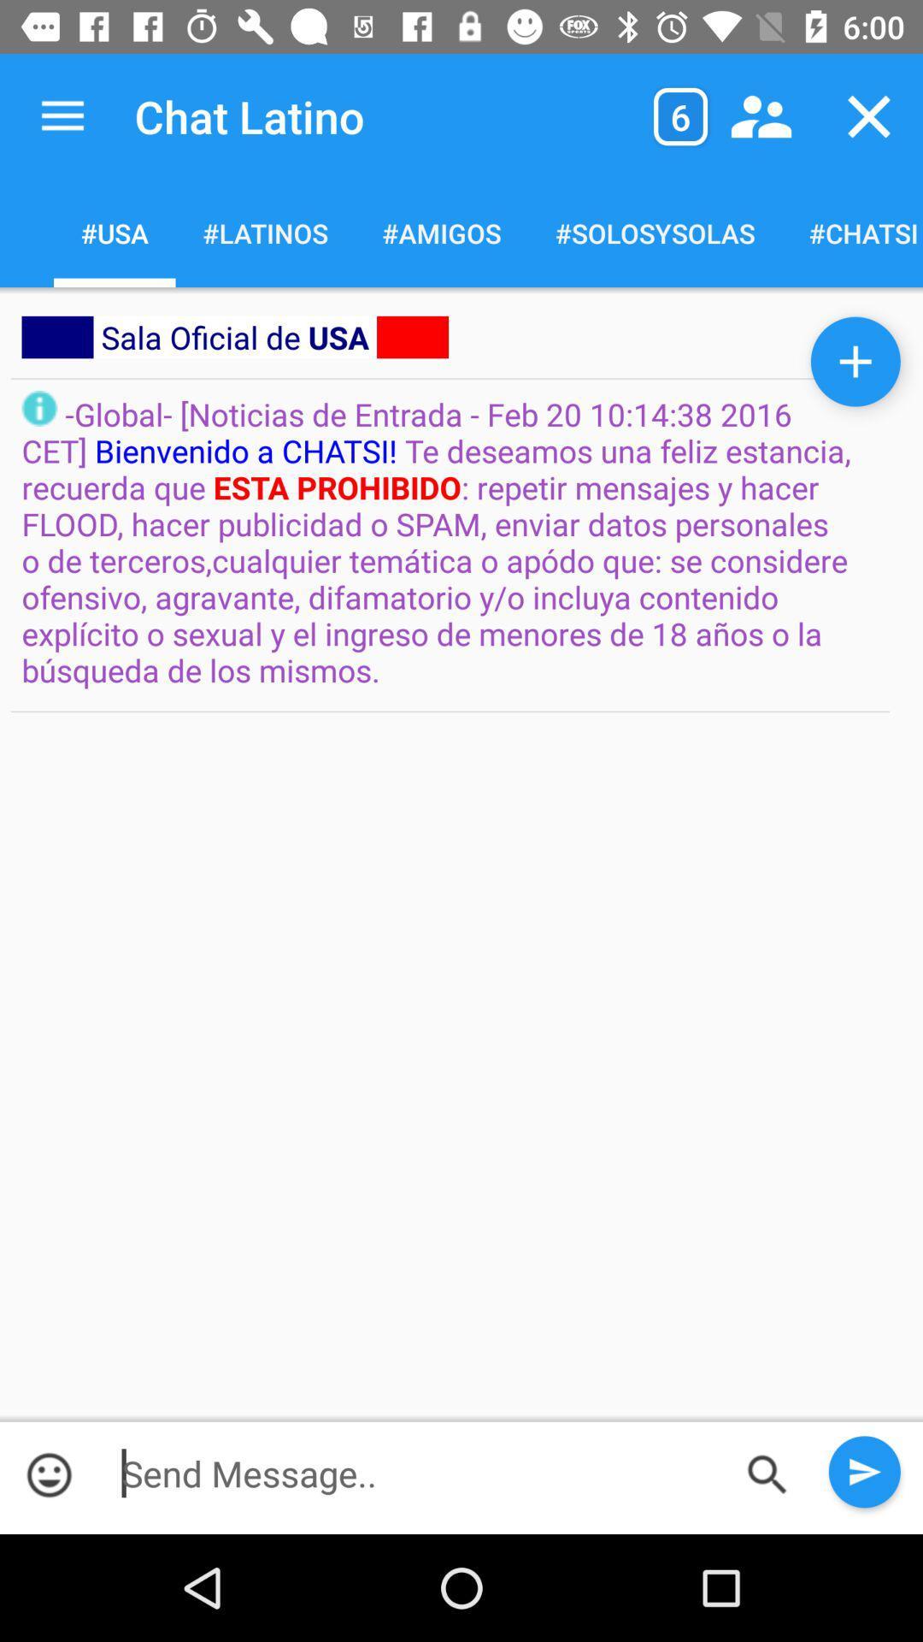  Describe the element at coordinates (761, 115) in the screenshot. I see `the item above the #solosysolas icon` at that location.